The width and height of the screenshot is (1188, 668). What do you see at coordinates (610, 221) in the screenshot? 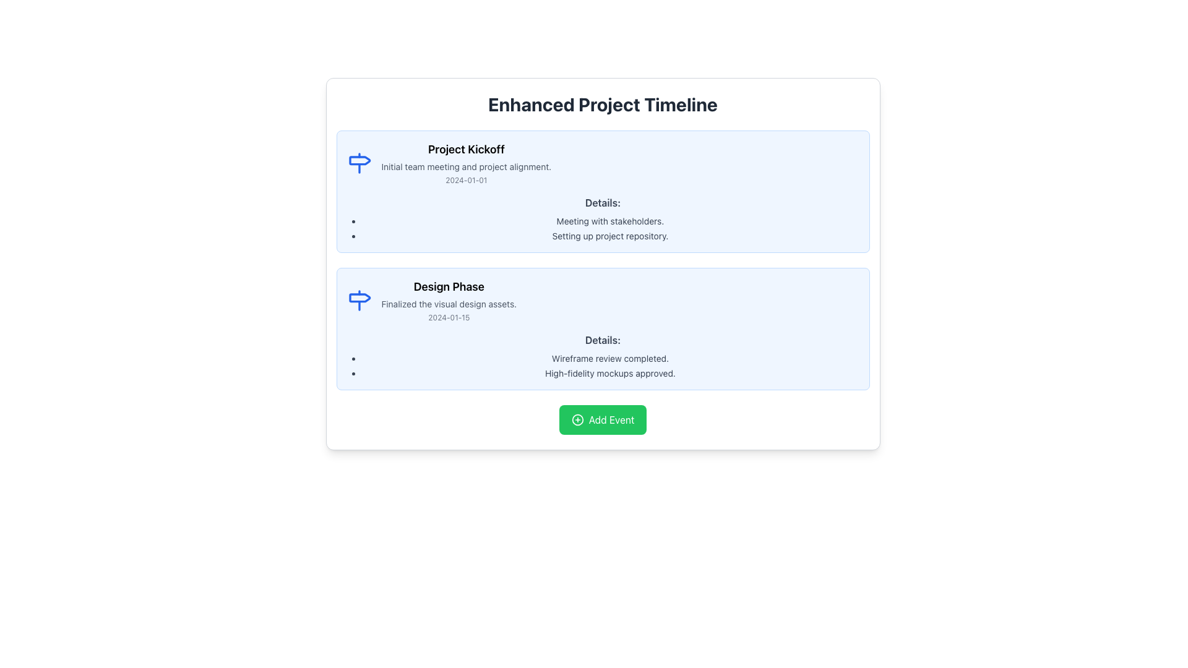
I see `the first bullet list item in the 'Details' section of the 'Project Kickoff' phase, which details a meeting with stakeholders` at bounding box center [610, 221].